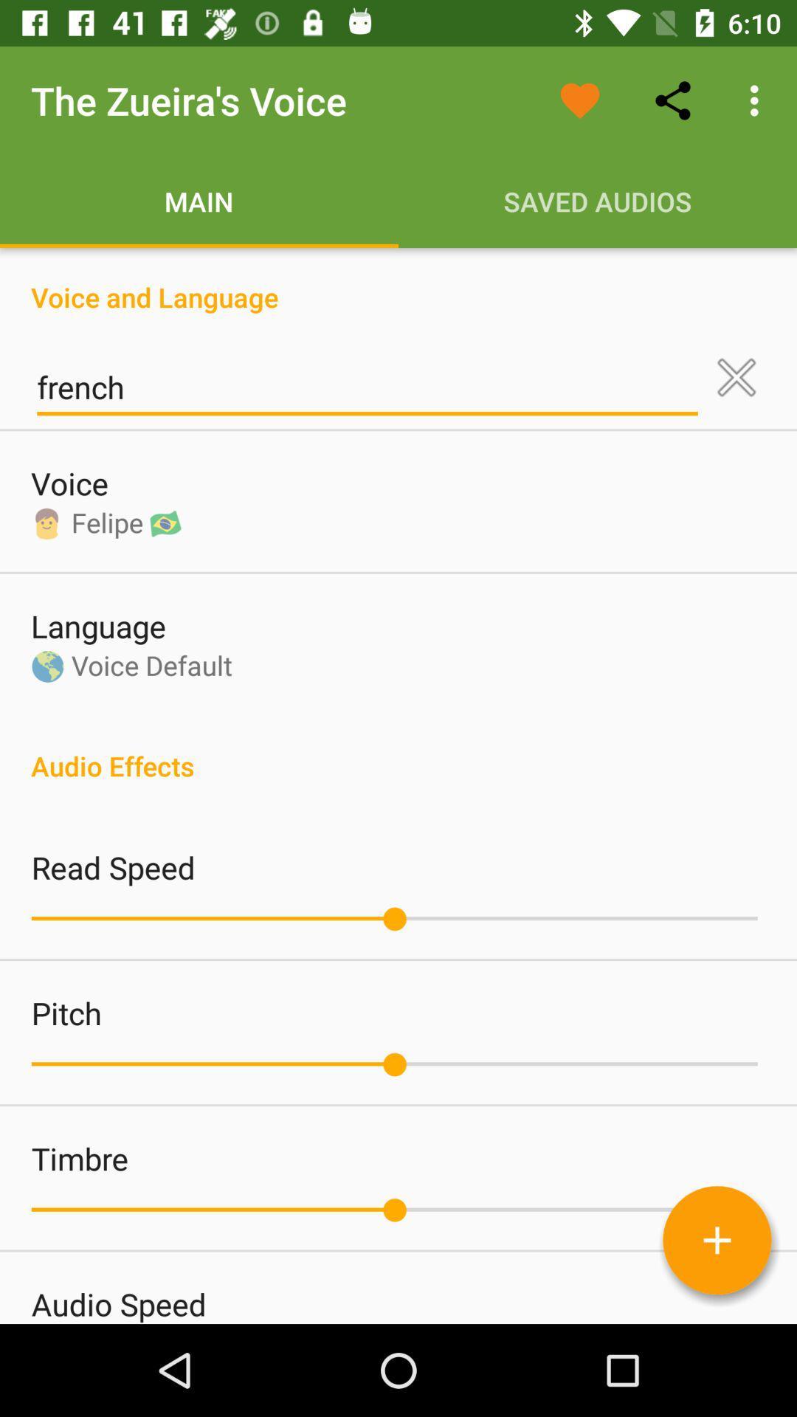 This screenshot has width=797, height=1417. Describe the element at coordinates (579, 100) in the screenshot. I see `the icon above saved audios` at that location.